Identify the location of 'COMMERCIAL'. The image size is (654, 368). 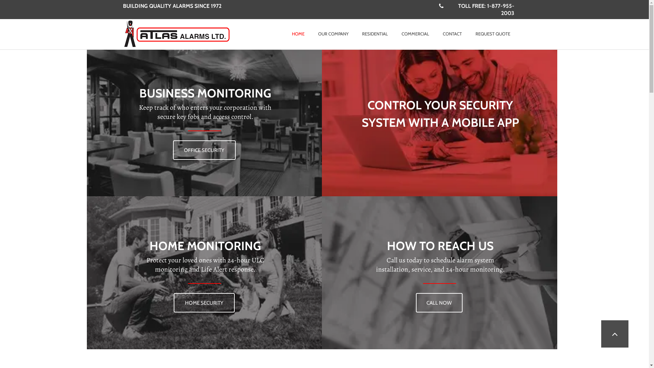
(415, 34).